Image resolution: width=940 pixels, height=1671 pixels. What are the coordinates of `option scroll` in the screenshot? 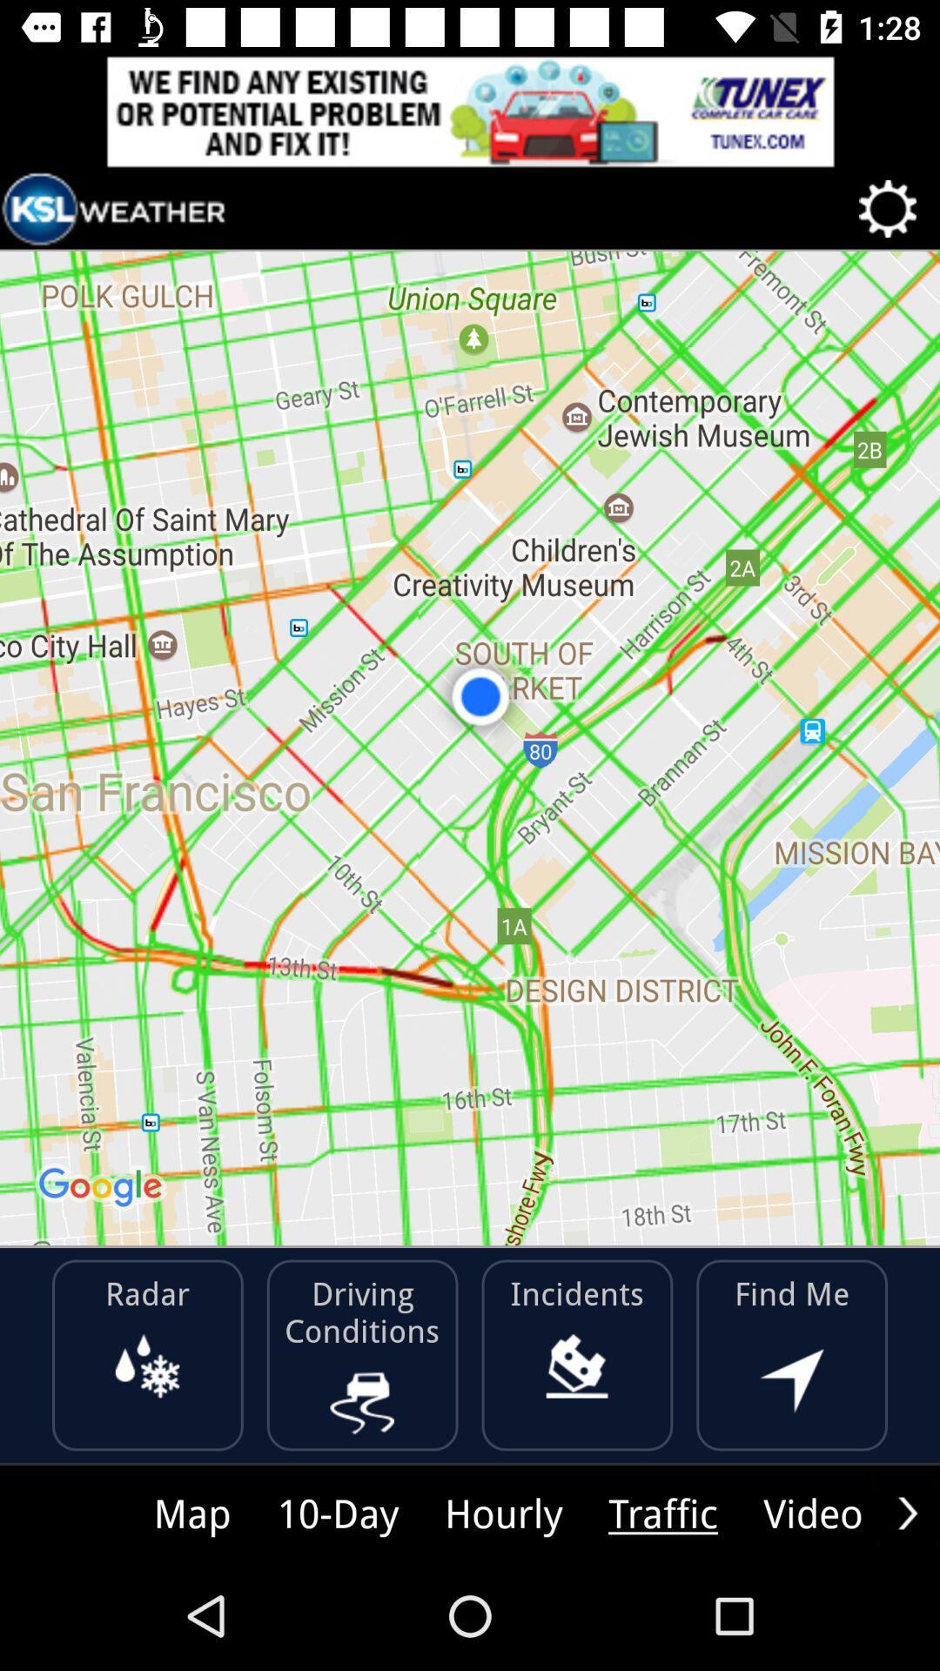 It's located at (907, 1512).